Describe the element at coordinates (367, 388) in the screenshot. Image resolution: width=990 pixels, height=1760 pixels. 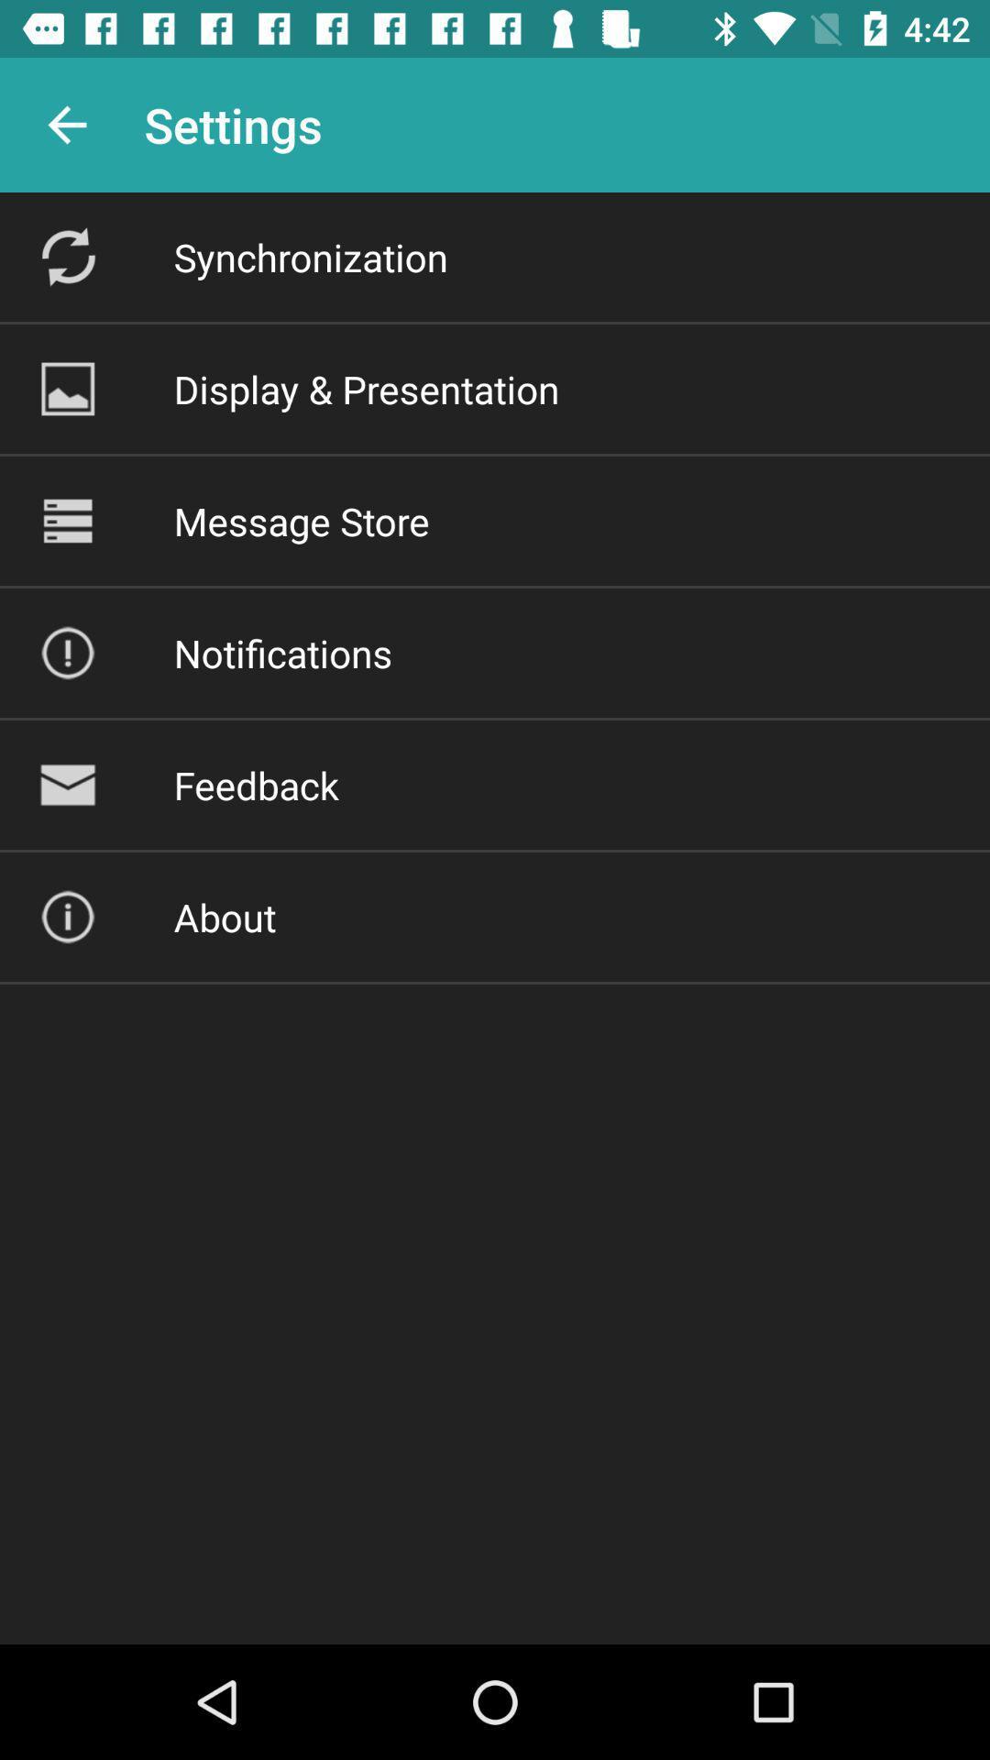
I see `icon above message store` at that location.